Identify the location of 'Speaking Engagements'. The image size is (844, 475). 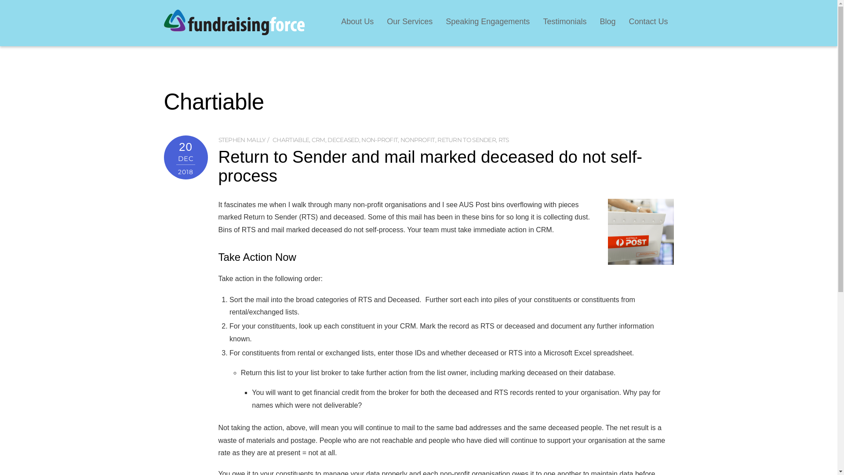
(441, 20).